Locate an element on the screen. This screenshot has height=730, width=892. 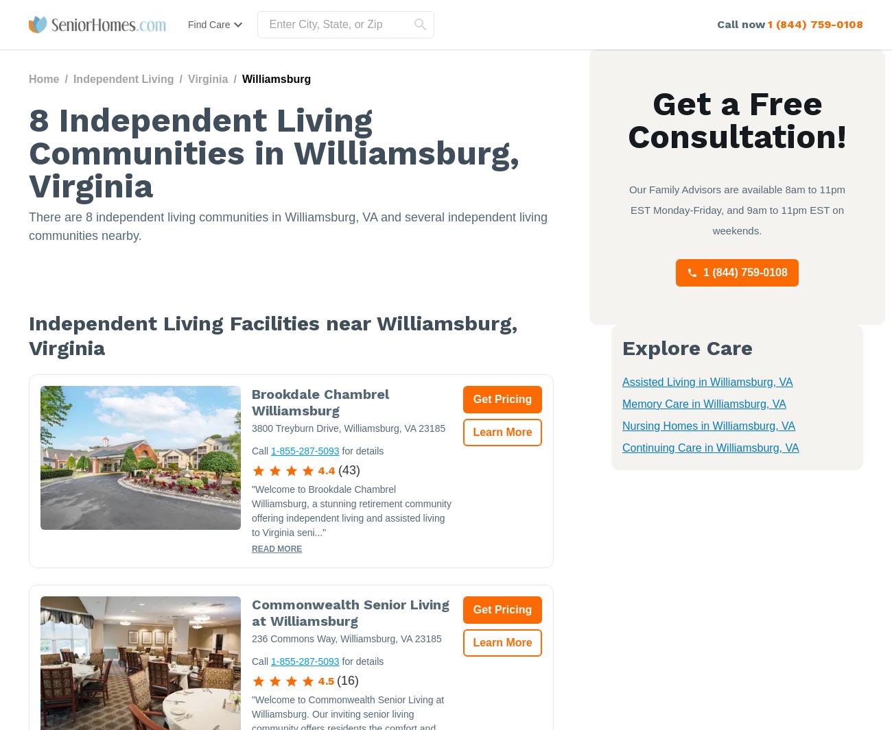
'Brookdale Chambrel Williamsburg' is located at coordinates (319, 402).